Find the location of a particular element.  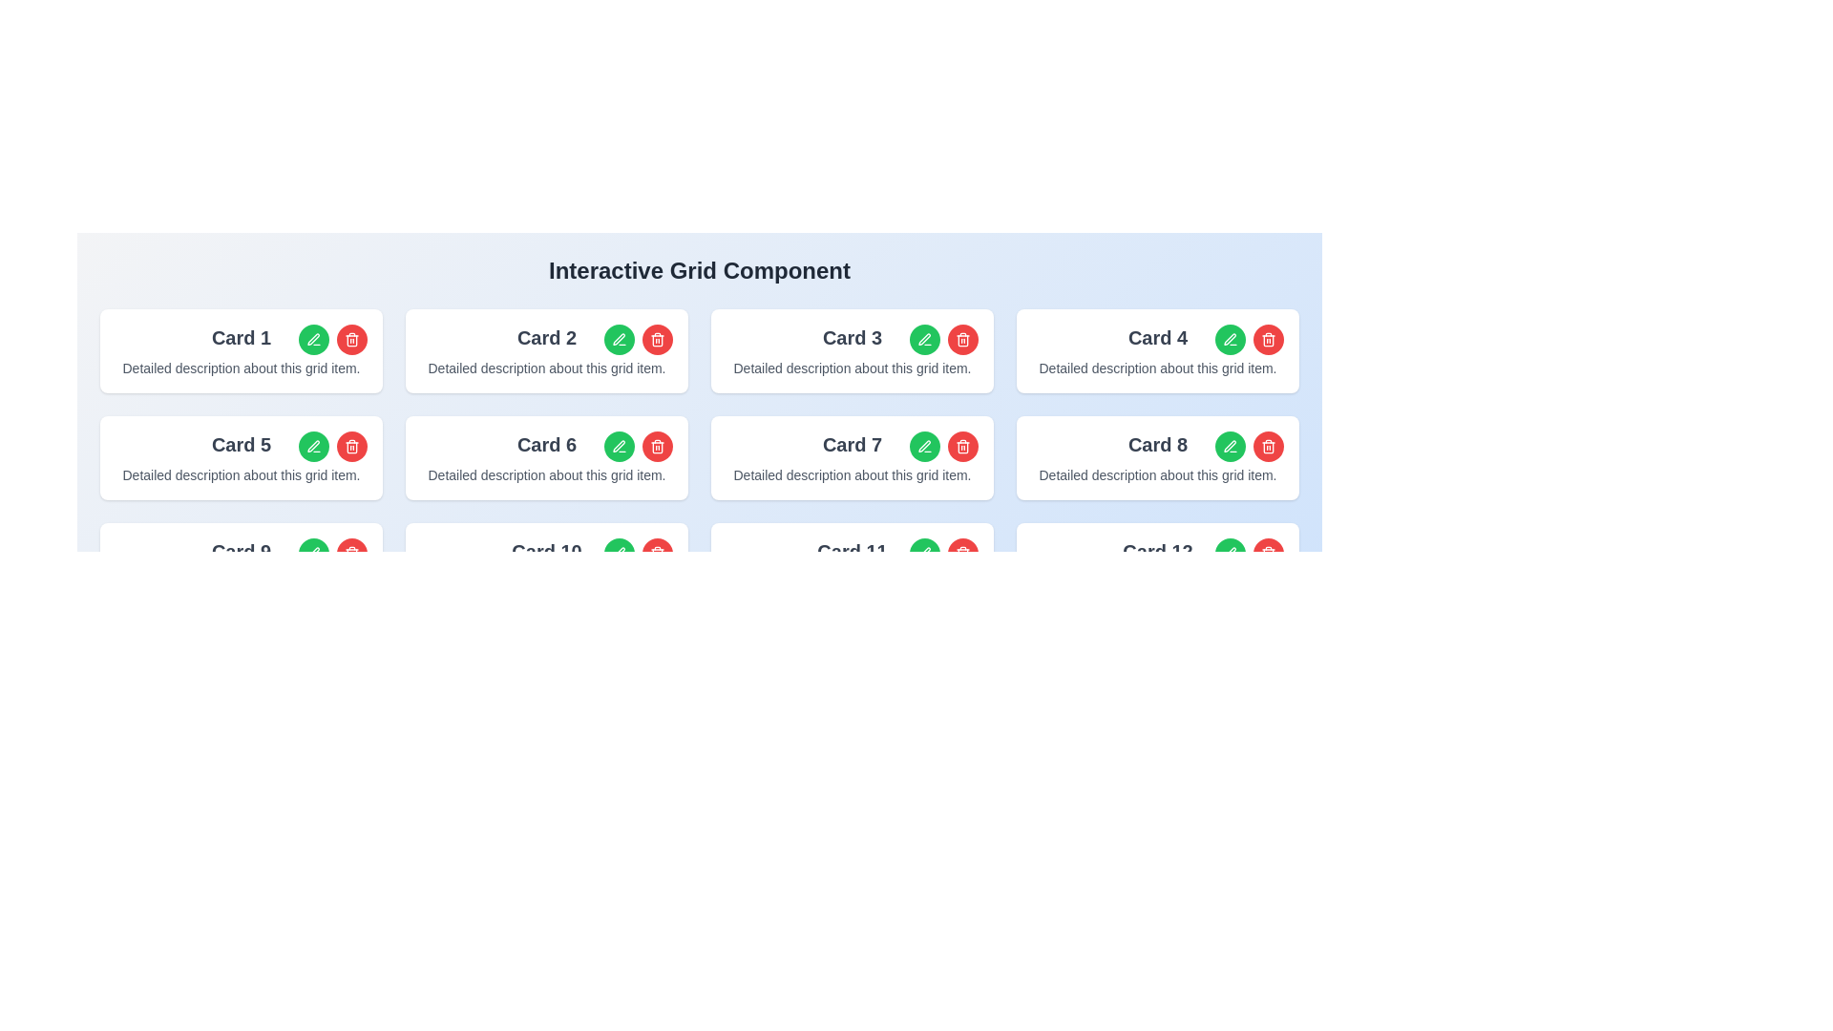

the edit action button located at the top-right corner of 'Card 3' to change its background color is located at coordinates (925, 338).